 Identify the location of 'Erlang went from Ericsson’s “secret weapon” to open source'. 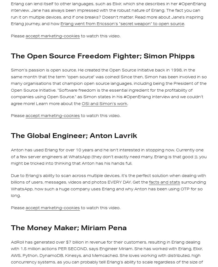
(122, 24).